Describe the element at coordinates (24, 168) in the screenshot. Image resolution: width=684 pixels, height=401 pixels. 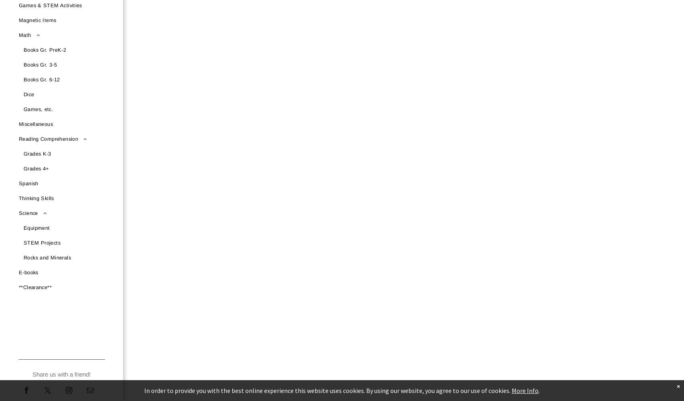
I see `'Grades 4+'` at that location.